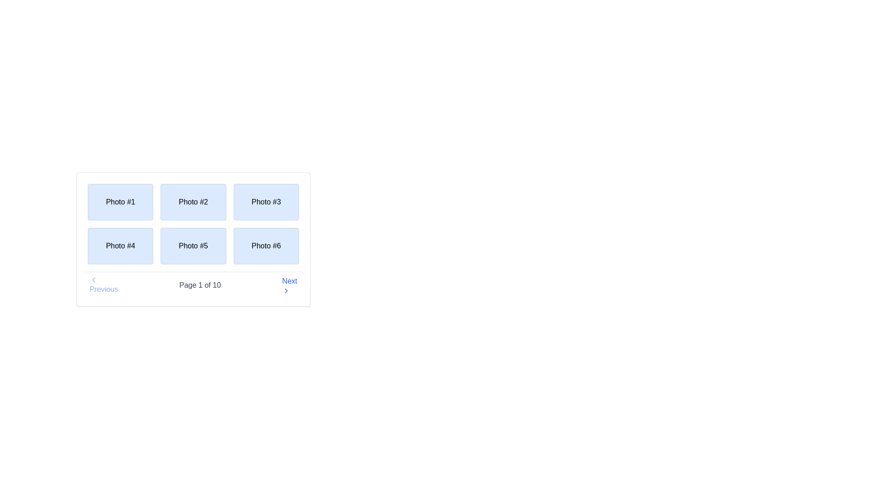 This screenshot has height=494, width=878. Describe the element at coordinates (193, 239) in the screenshot. I see `the photo button located in the second row and second column of the grid layout` at that location.